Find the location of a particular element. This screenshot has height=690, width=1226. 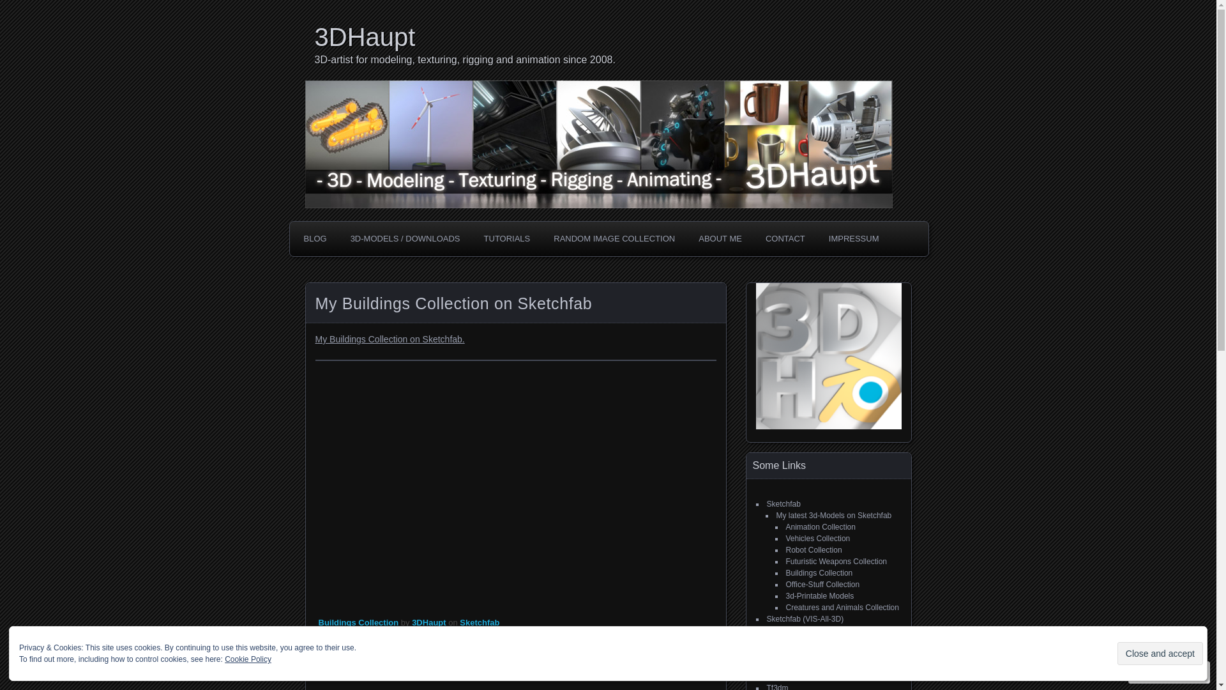

'3d-Printable Models' is located at coordinates (784, 596).